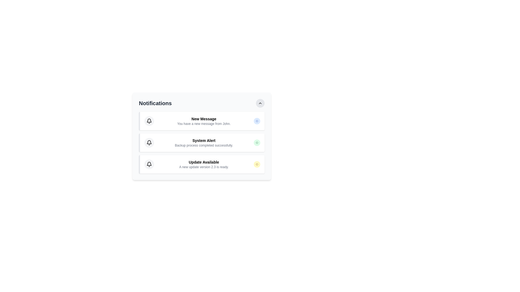 This screenshot has width=520, height=292. Describe the element at coordinates (149, 142) in the screenshot. I see `the notification icon in the 'System Alert' notification card, which is the first component aligned with the text 'System Alert'` at that location.